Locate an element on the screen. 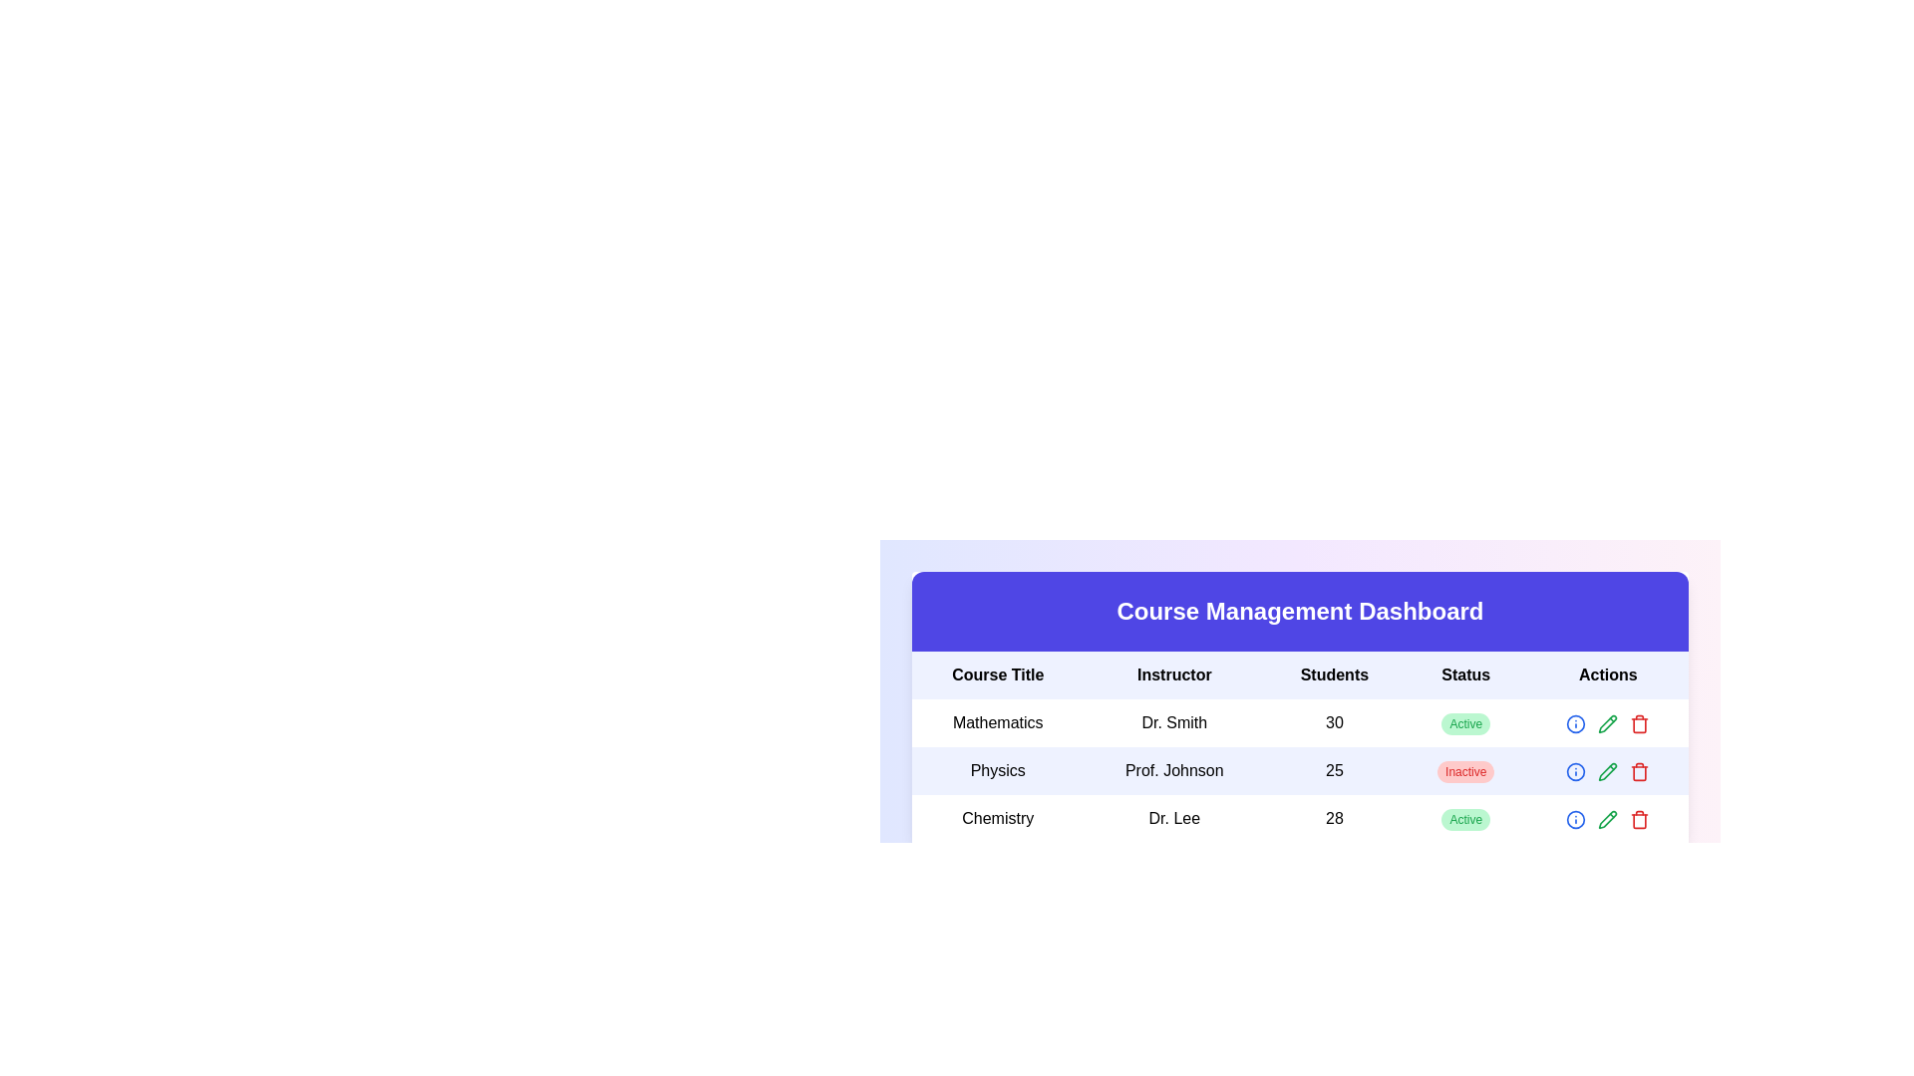 The width and height of the screenshot is (1914, 1076). the third icon in the actions column of the course management dashboard, which allows users is located at coordinates (1608, 818).